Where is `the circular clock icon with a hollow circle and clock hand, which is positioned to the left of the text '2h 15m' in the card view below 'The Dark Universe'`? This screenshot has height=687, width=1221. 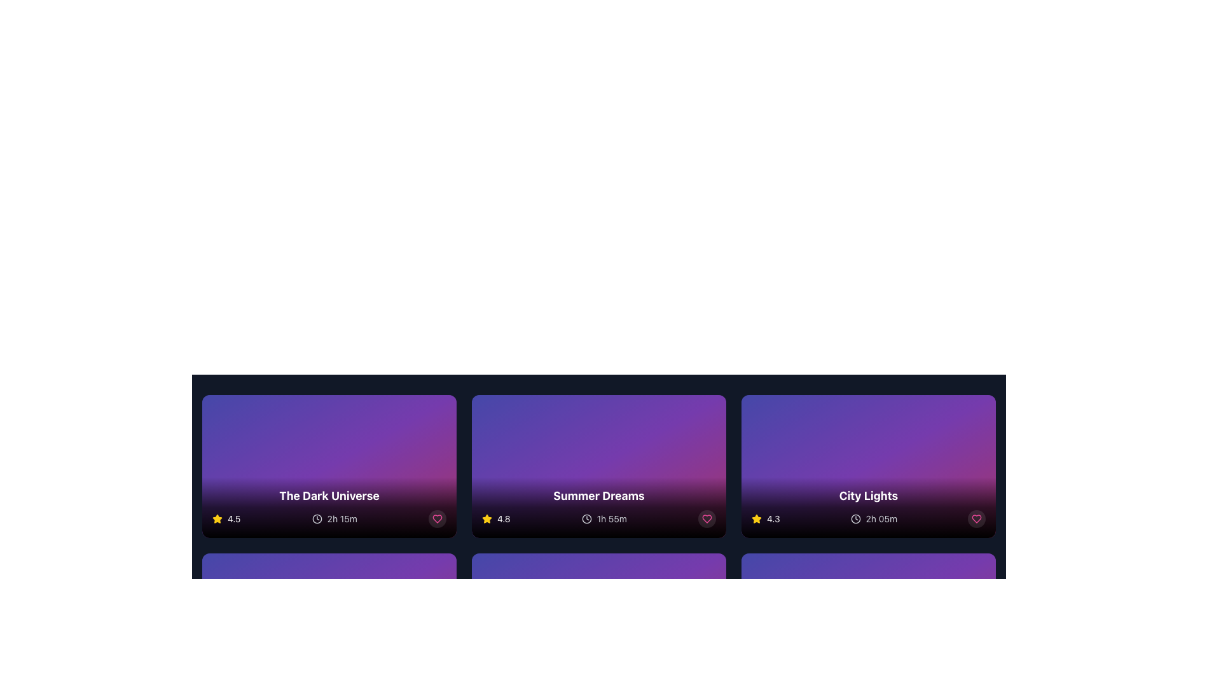 the circular clock icon with a hollow circle and clock hand, which is positioned to the left of the text '2h 15m' in the card view below 'The Dark Universe' is located at coordinates (317, 519).